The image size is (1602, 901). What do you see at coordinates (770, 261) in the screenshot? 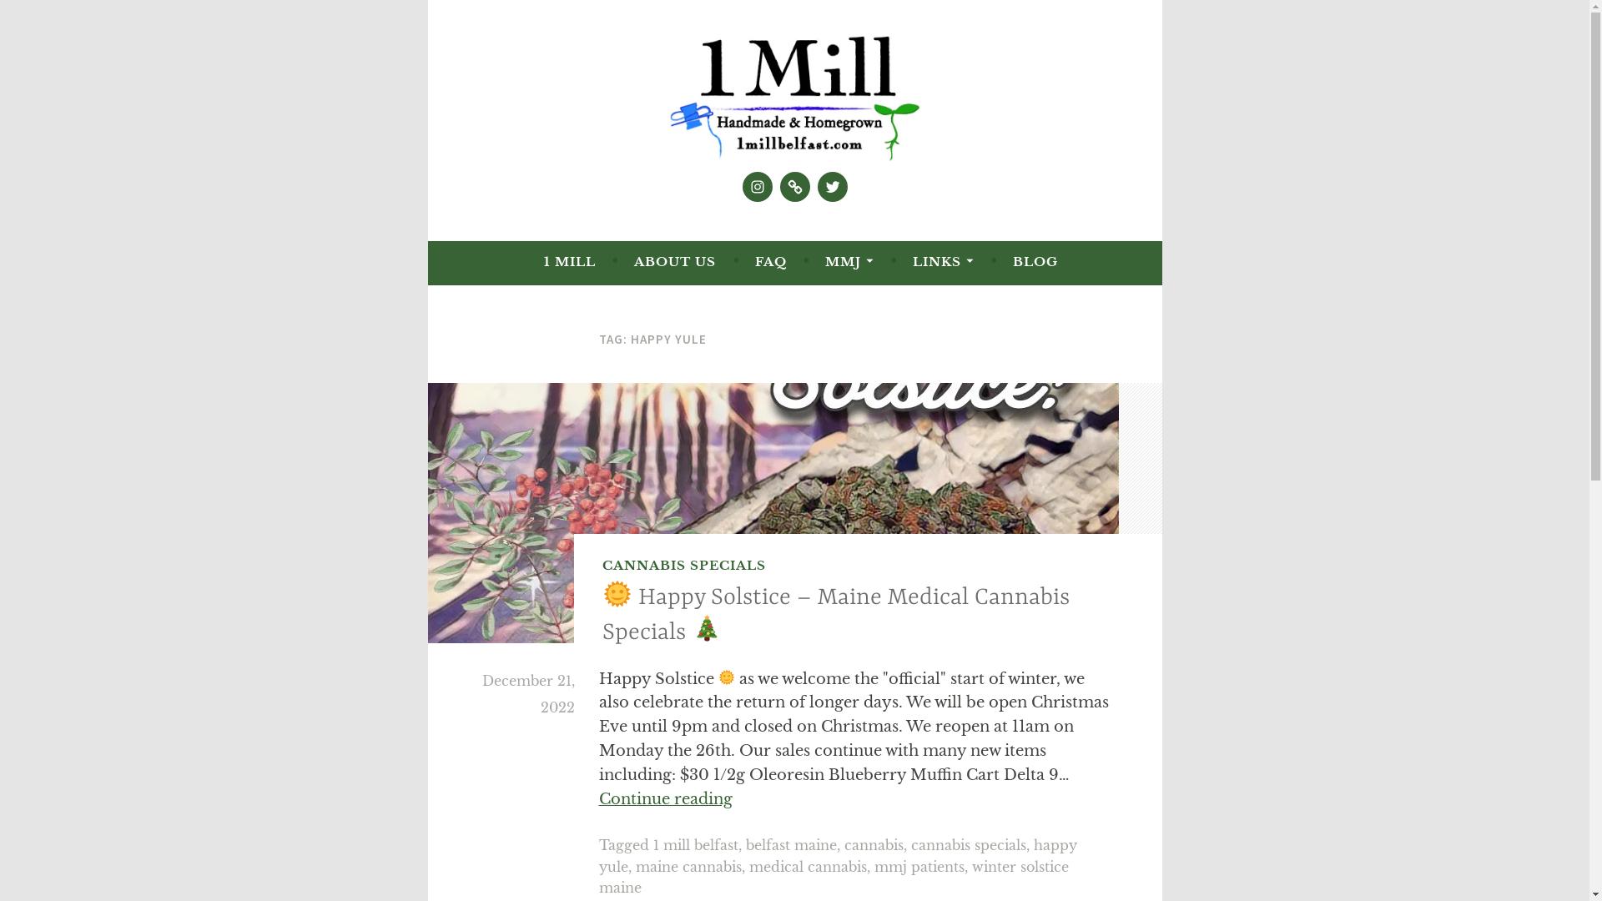
I see `'FAQ'` at bounding box center [770, 261].